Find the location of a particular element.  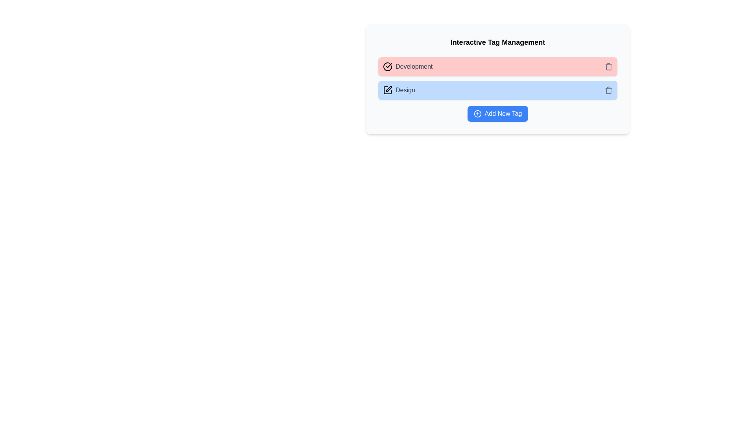

the leftmost icon within the 'Design' tag section, which represents editing functionality and is located in the blue background area at the top of the interface is located at coordinates (387, 90).